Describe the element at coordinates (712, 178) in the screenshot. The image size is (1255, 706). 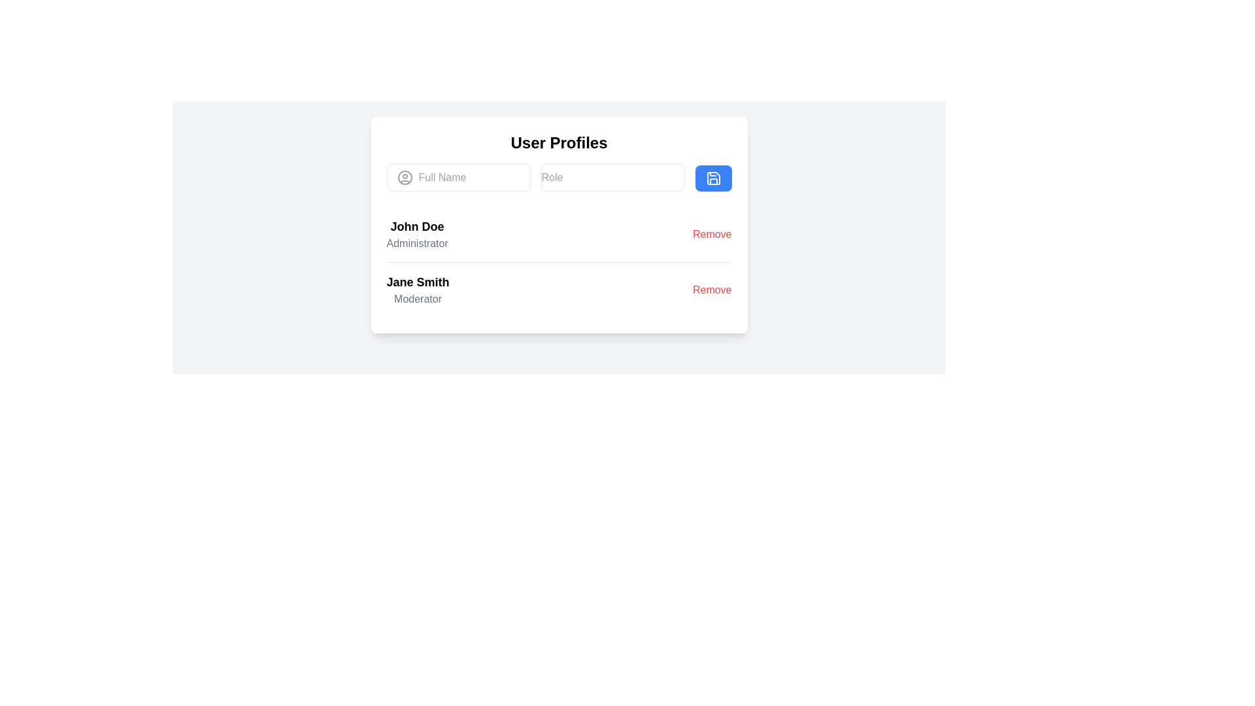
I see `the save icon located at the rightmost end of the button in the user input section` at that location.